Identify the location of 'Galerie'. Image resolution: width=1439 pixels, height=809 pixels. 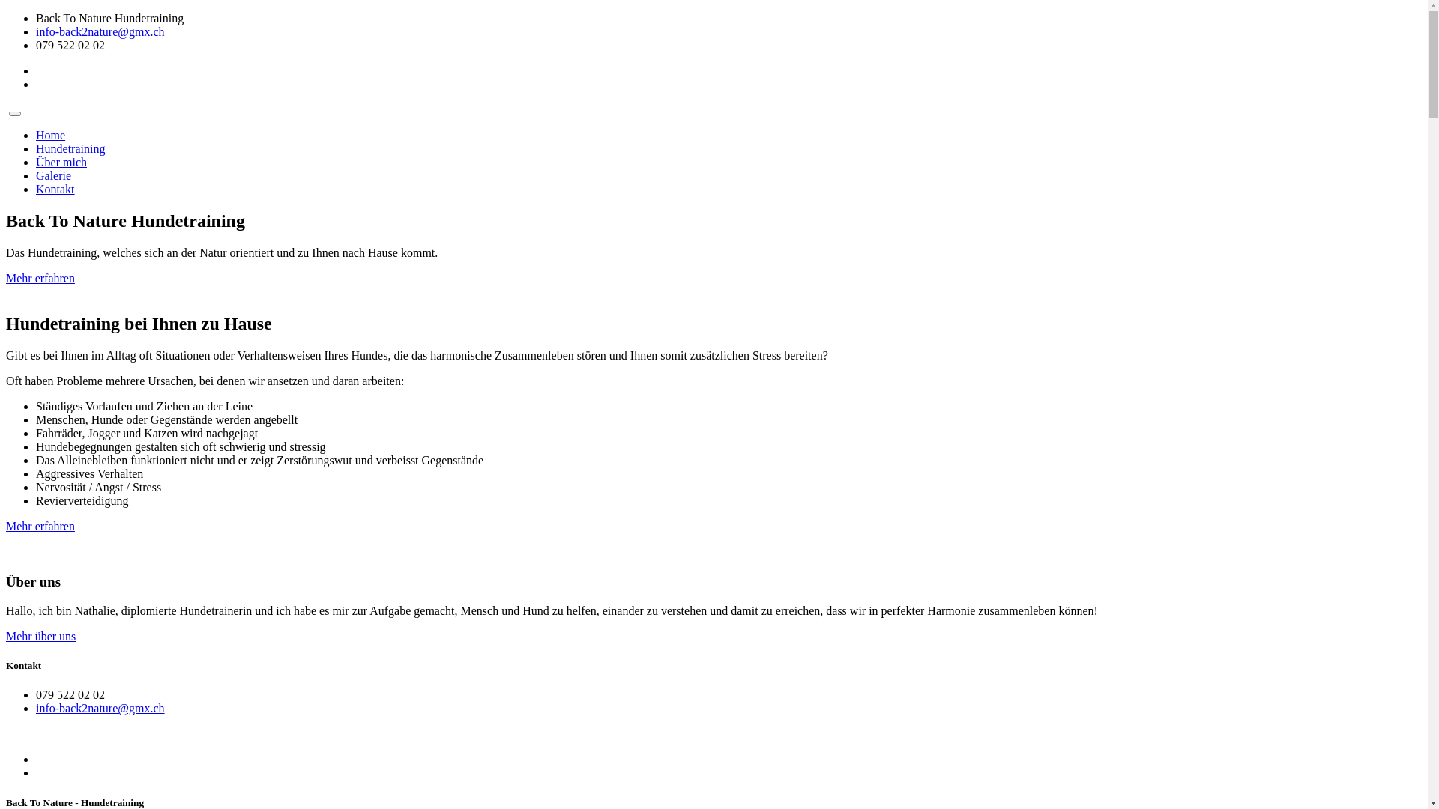
(53, 175).